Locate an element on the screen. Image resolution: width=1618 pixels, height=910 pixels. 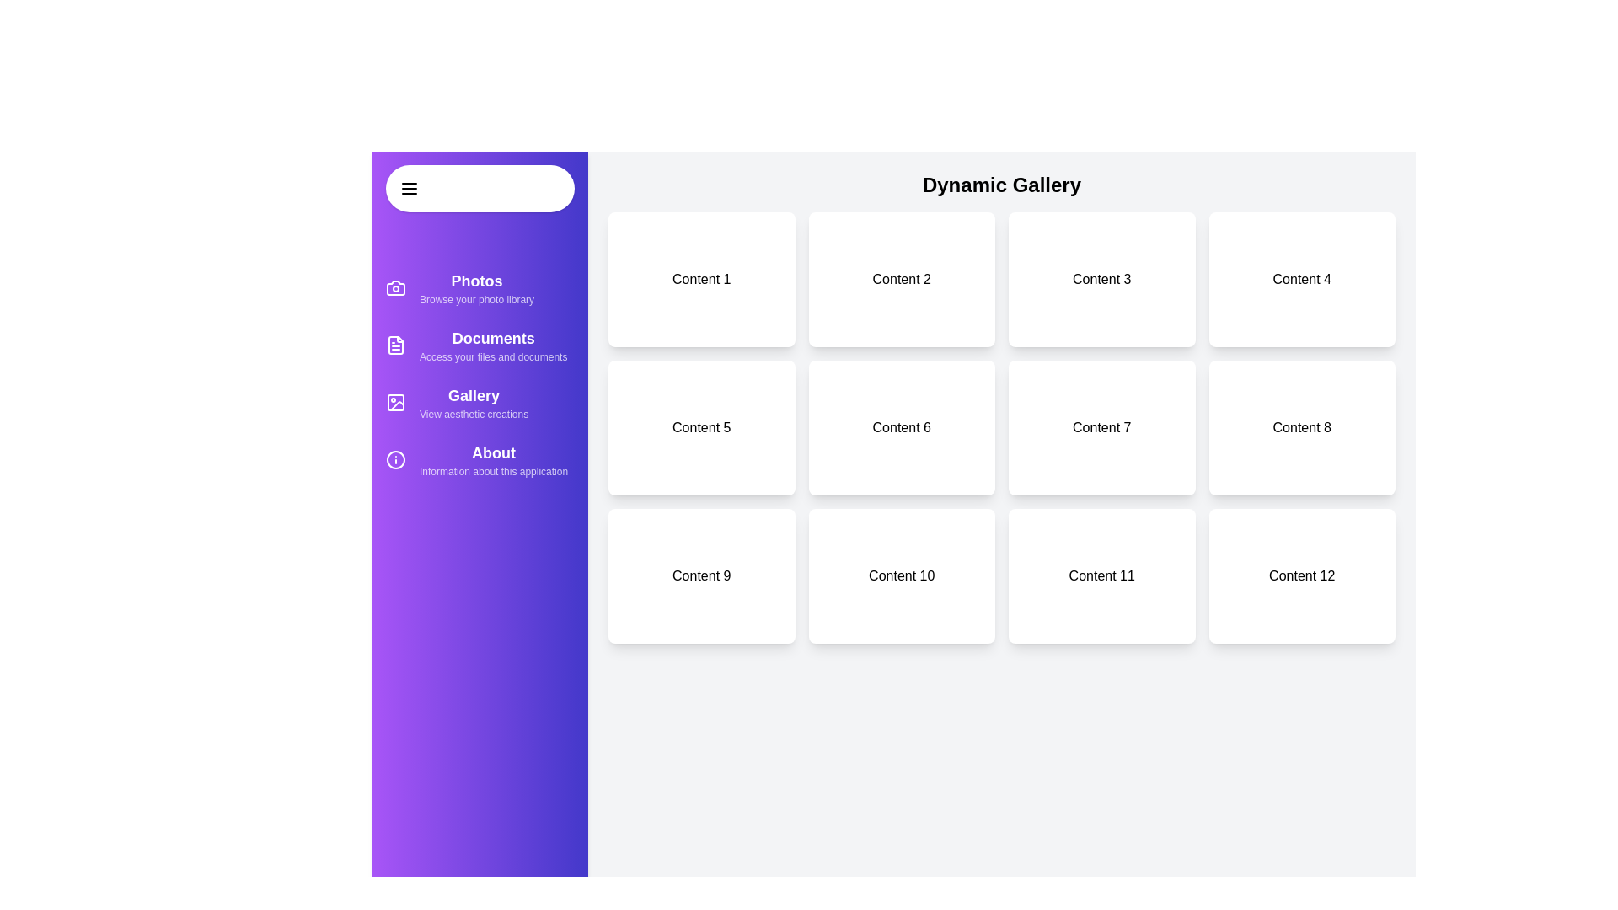
the category item About in the sidebar is located at coordinates (480, 460).